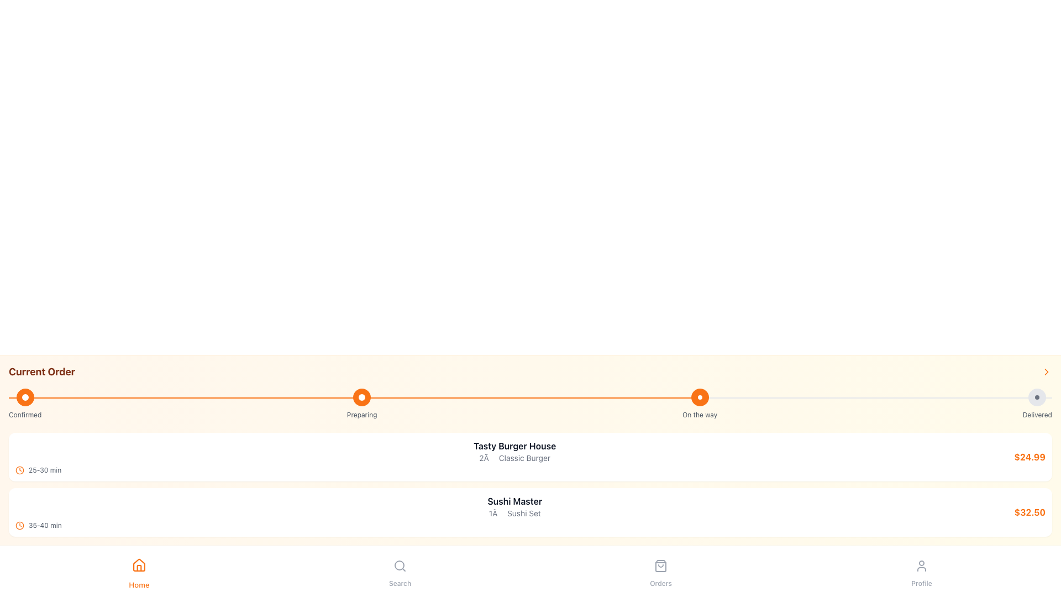 Image resolution: width=1061 pixels, height=597 pixels. Describe the element at coordinates (922, 571) in the screenshot. I see `the 'Profile' button, which features a circular user icon above the label 'Profile'` at that location.